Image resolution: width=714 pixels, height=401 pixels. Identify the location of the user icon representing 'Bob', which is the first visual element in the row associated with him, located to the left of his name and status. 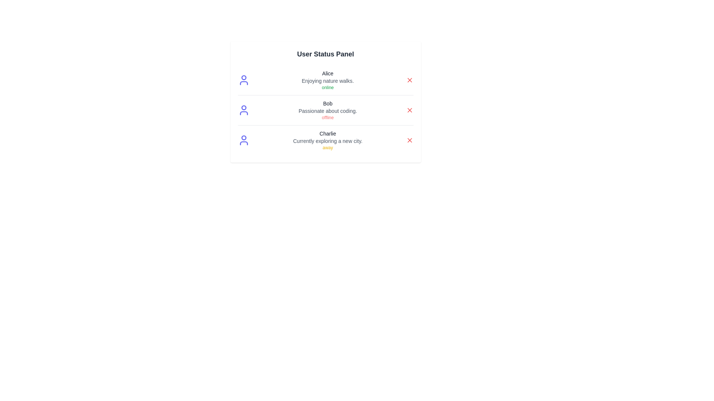
(244, 110).